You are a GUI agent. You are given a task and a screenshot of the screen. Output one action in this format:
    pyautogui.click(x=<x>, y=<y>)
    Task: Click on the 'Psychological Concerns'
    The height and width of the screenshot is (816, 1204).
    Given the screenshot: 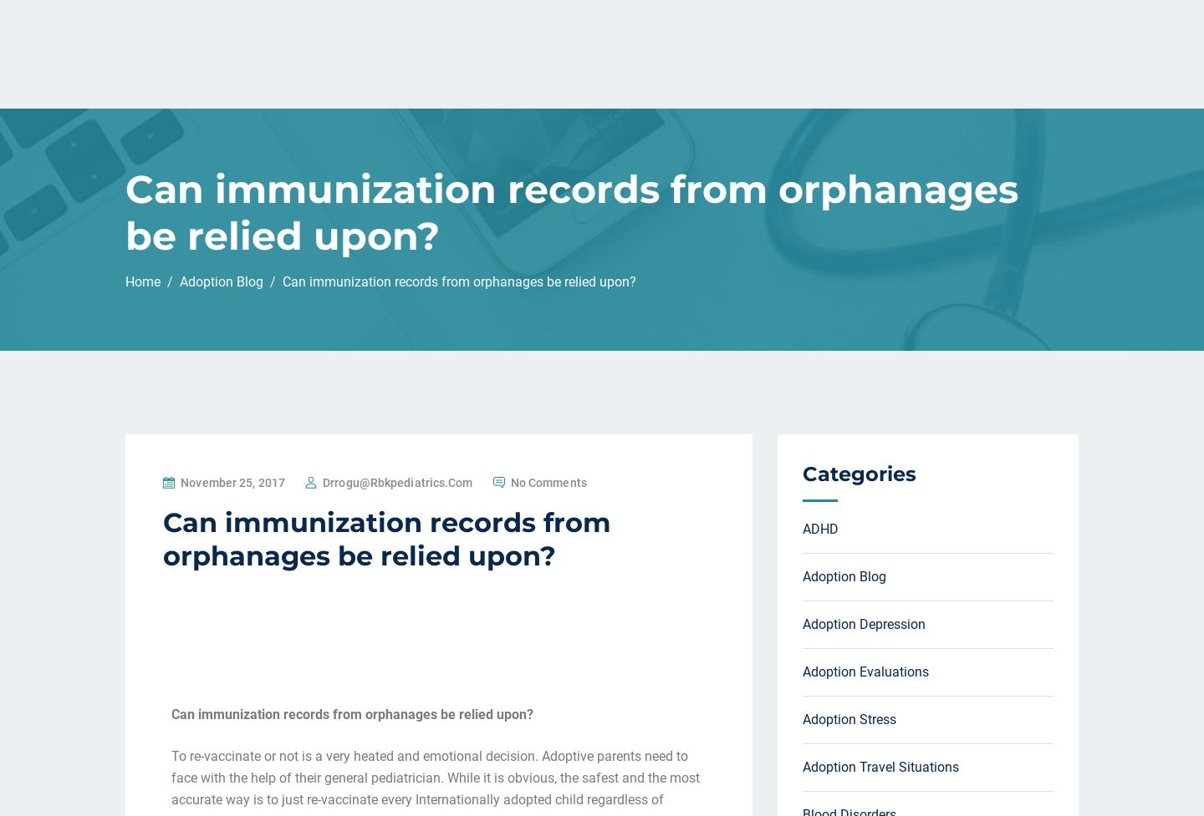 What is the action you would take?
    pyautogui.click(x=873, y=295)
    